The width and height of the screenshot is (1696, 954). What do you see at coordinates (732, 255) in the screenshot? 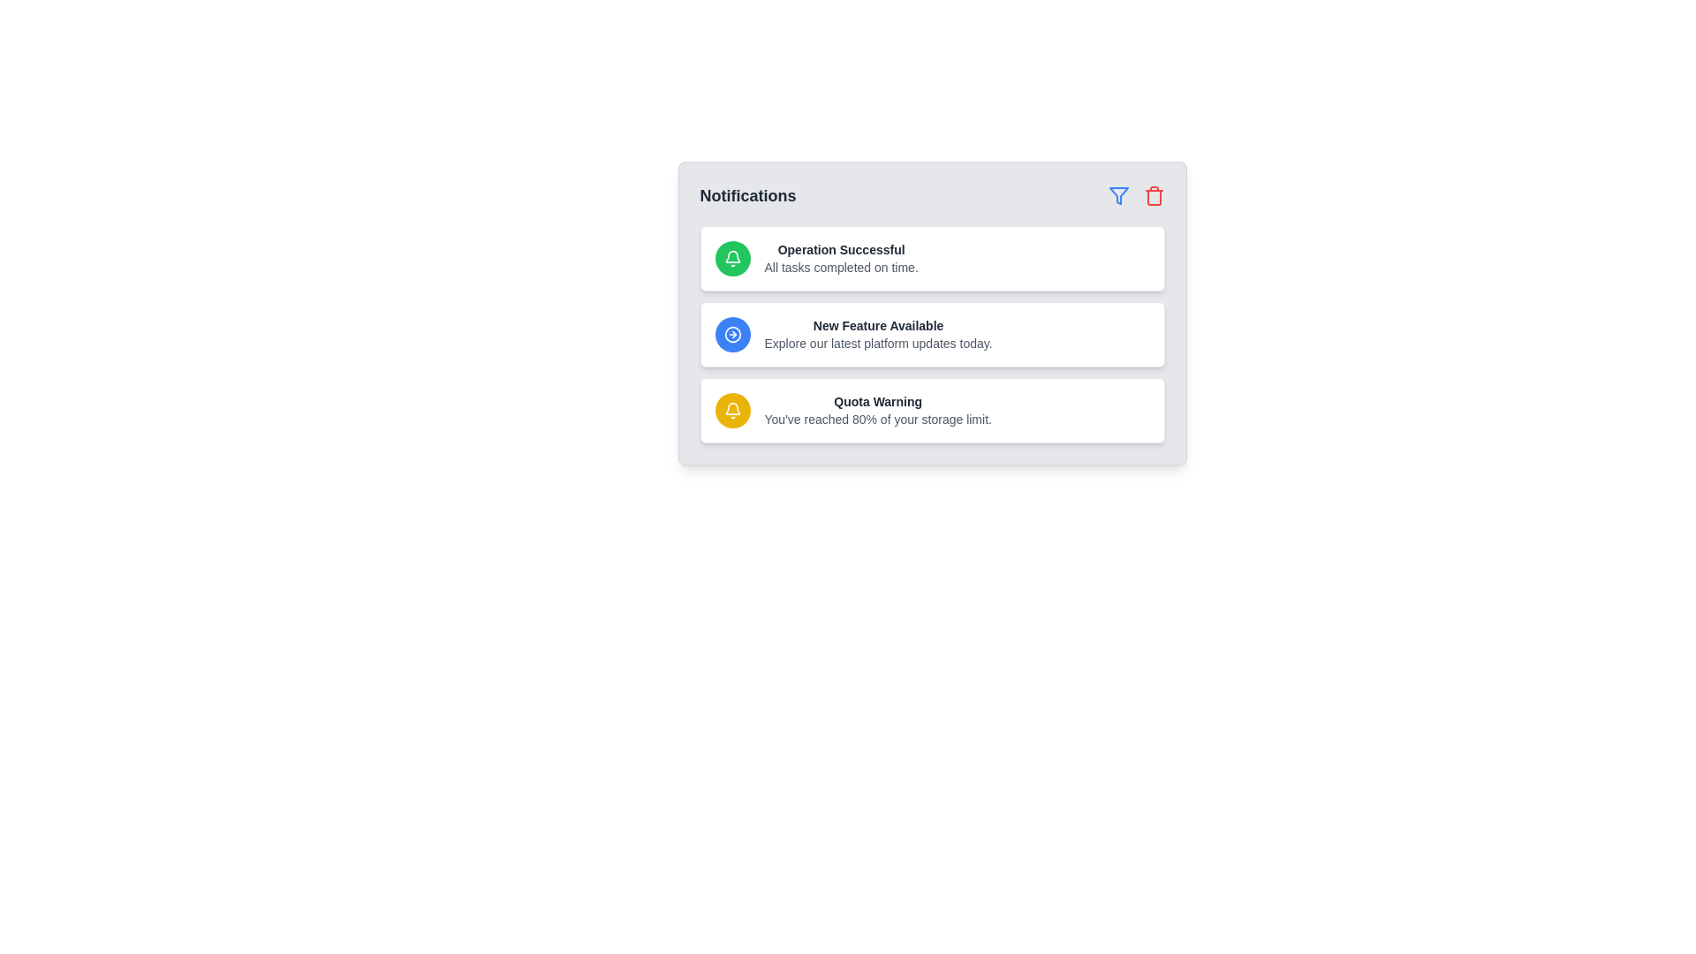
I see `the notification bell icon represented by a graphical SVG component` at bounding box center [732, 255].